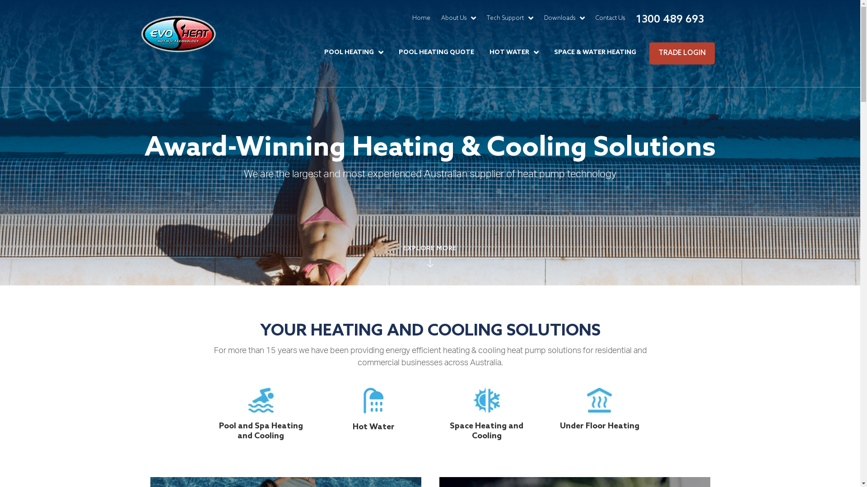 The width and height of the screenshot is (867, 487). What do you see at coordinates (670, 19) in the screenshot?
I see `'1300 489 693'` at bounding box center [670, 19].